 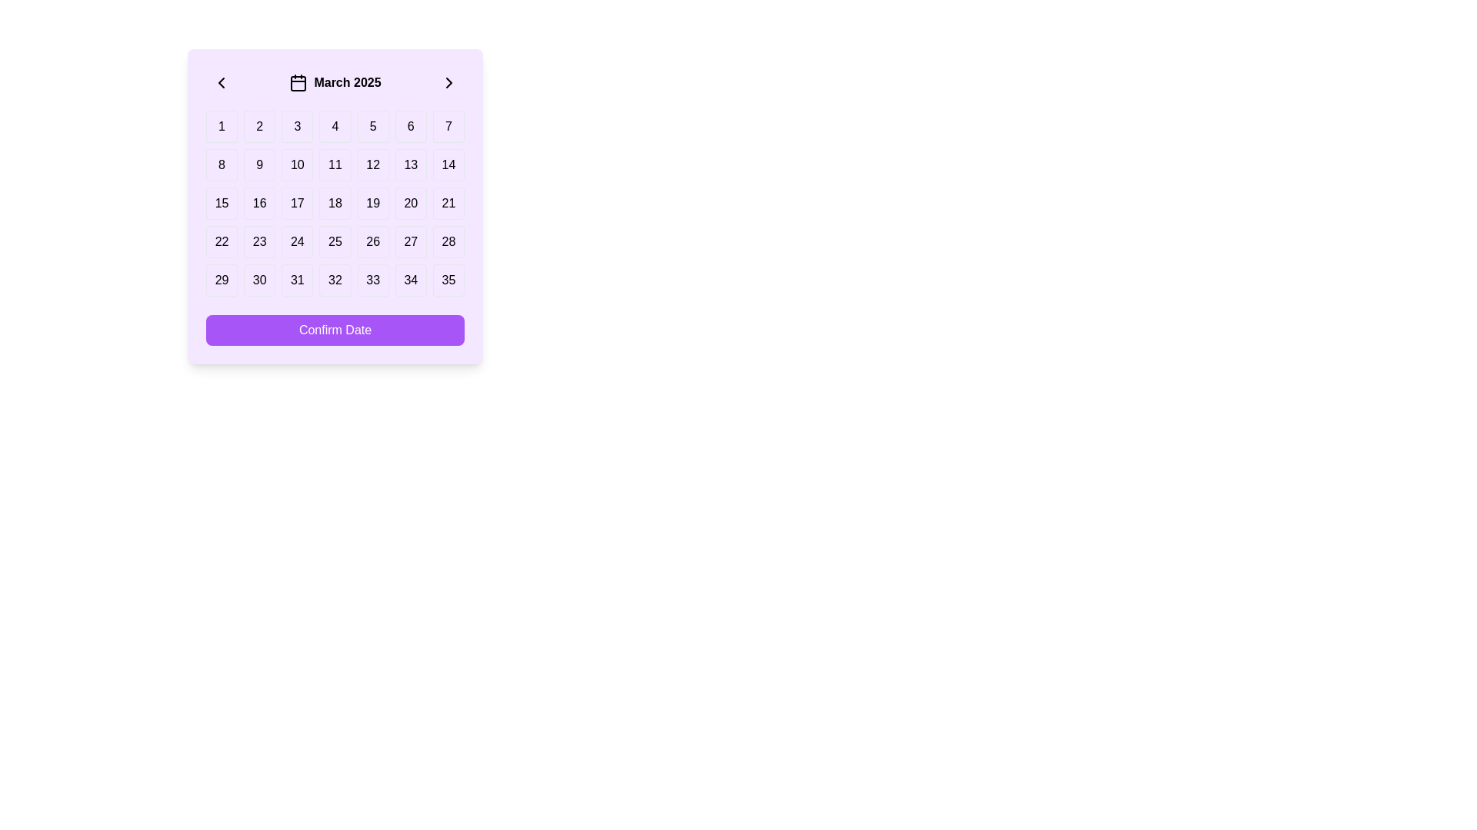 What do you see at coordinates (346, 83) in the screenshot?
I see `the 'March 2025' text label, which is prominently displayed in bold font in the header section of a calendar-like widget` at bounding box center [346, 83].